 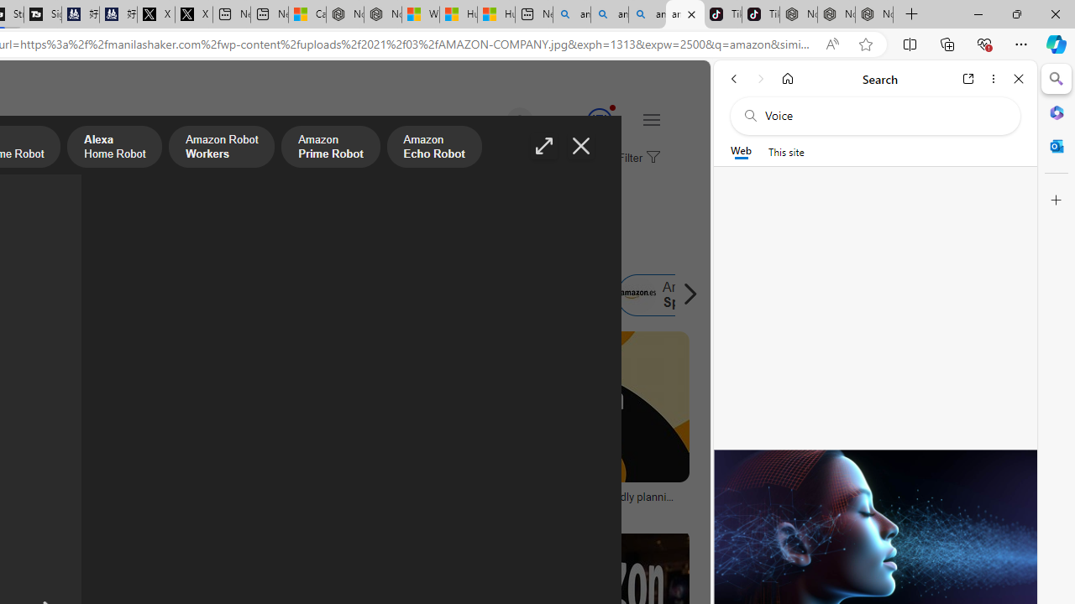 I want to click on 'Customize', so click(x=1056, y=200).